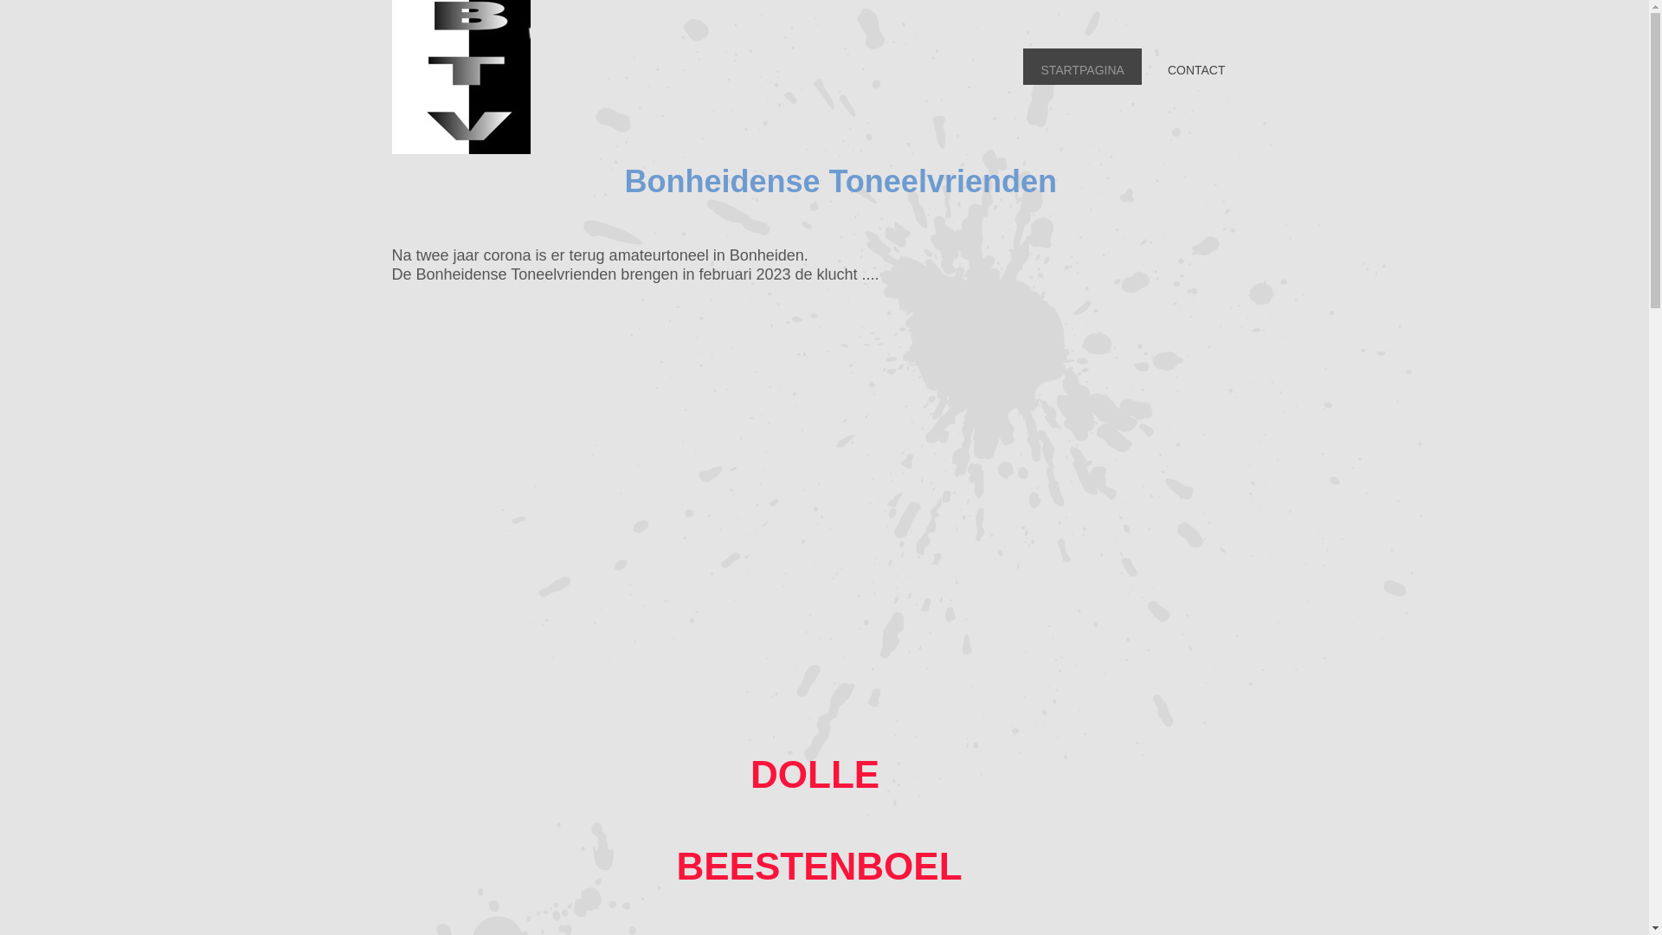 This screenshot has height=935, width=1662. I want to click on 'CONTACT', so click(1195, 66).